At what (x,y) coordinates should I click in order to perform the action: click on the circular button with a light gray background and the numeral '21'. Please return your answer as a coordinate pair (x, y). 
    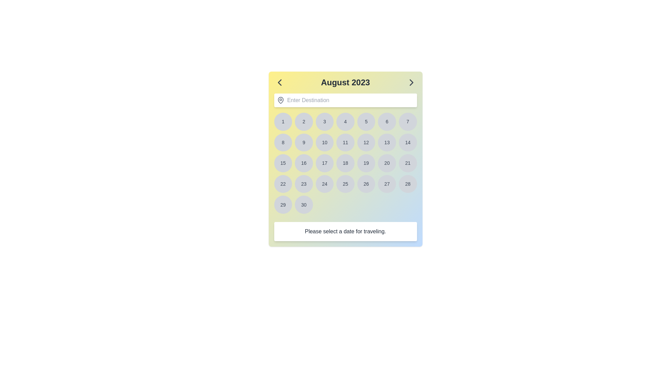
    Looking at the image, I should click on (408, 163).